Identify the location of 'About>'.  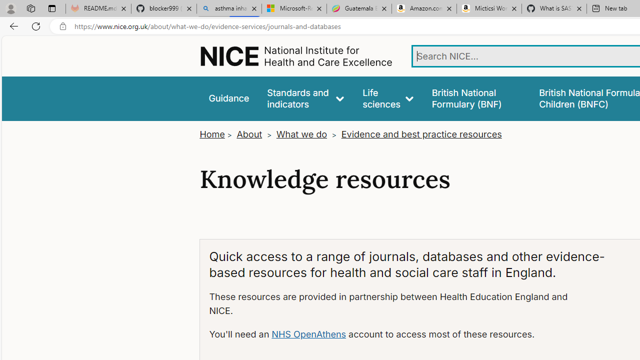
(255, 134).